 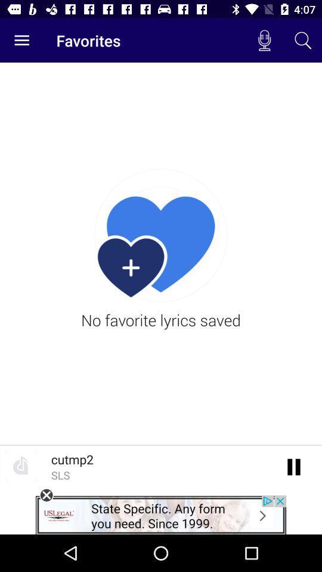 I want to click on pause, so click(x=293, y=466).